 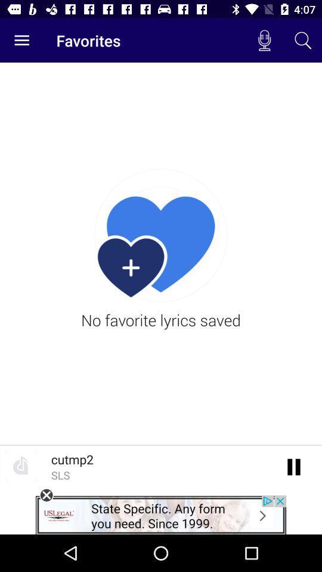 I want to click on pause, so click(x=293, y=466).